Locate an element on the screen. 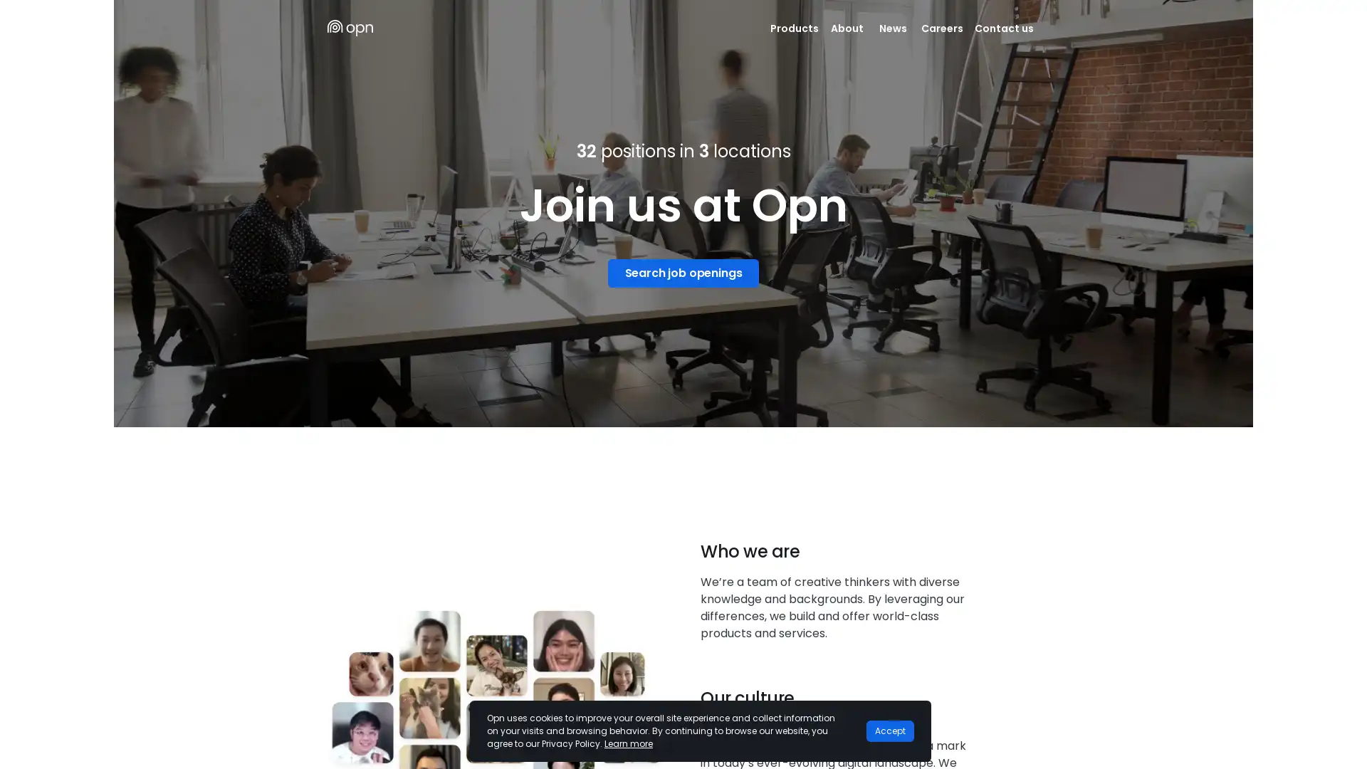 The image size is (1367, 769). Accept is located at coordinates (889, 731).